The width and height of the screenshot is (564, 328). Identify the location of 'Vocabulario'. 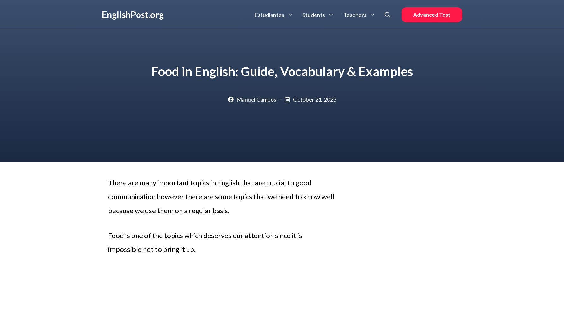
(275, 144).